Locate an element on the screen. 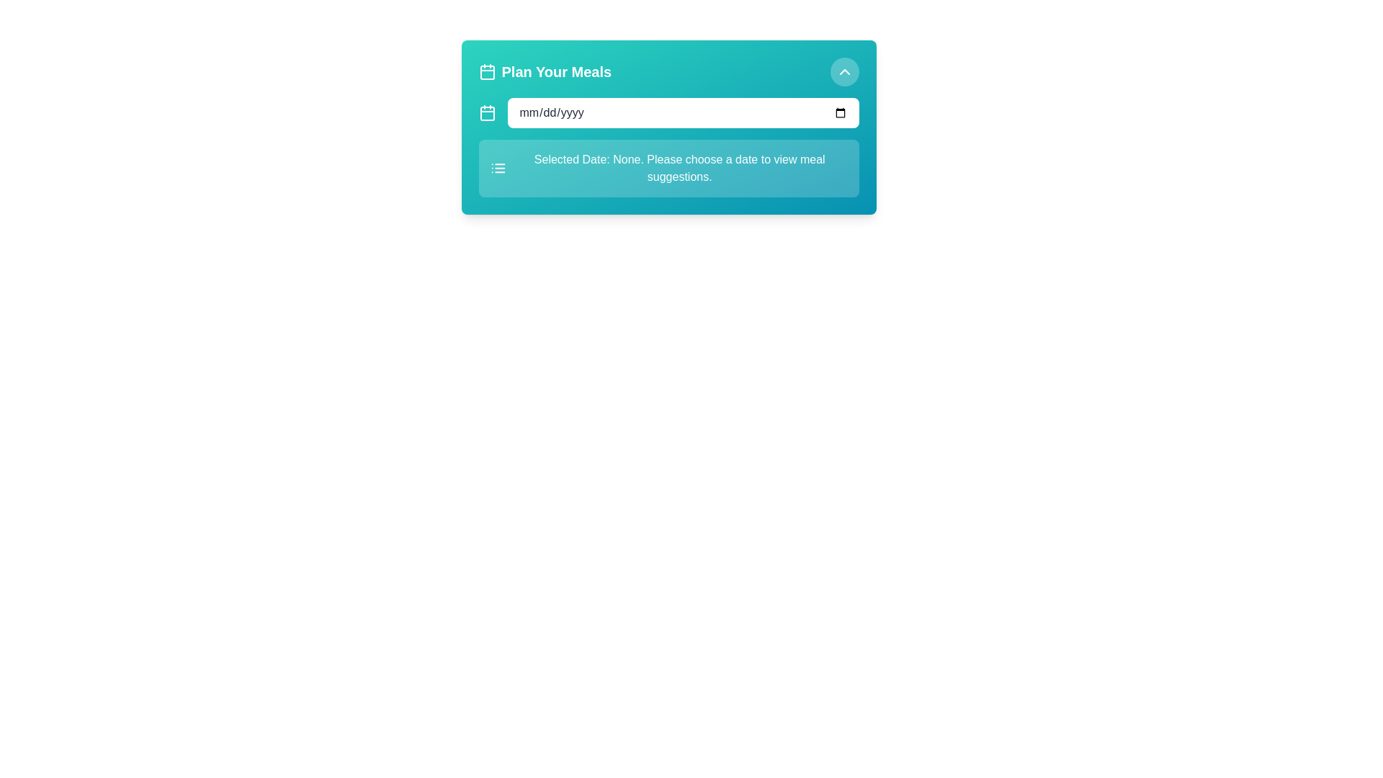  the upward-facing chevron arrow button icon located in the upper right corner of the teal card interface is located at coordinates (844, 72).